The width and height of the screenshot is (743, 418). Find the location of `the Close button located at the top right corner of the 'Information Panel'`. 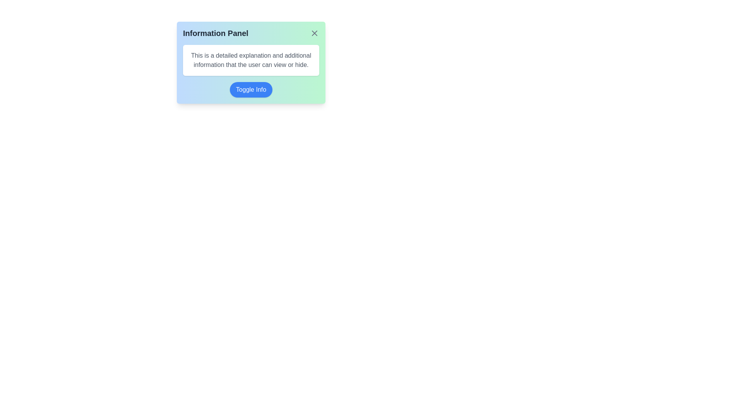

the Close button located at the top right corner of the 'Information Panel' is located at coordinates (314, 33).